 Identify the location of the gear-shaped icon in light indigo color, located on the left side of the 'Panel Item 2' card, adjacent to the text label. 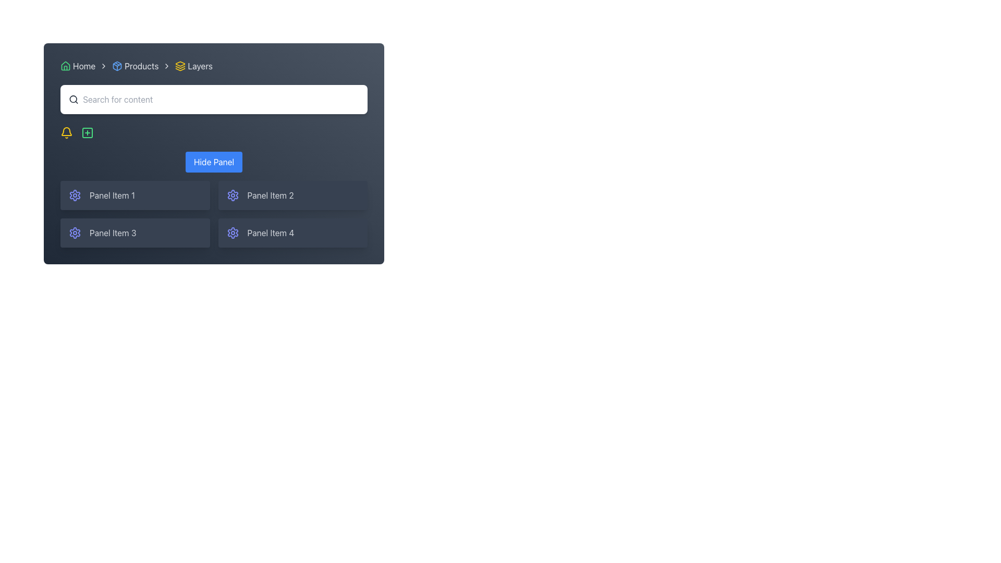
(232, 195).